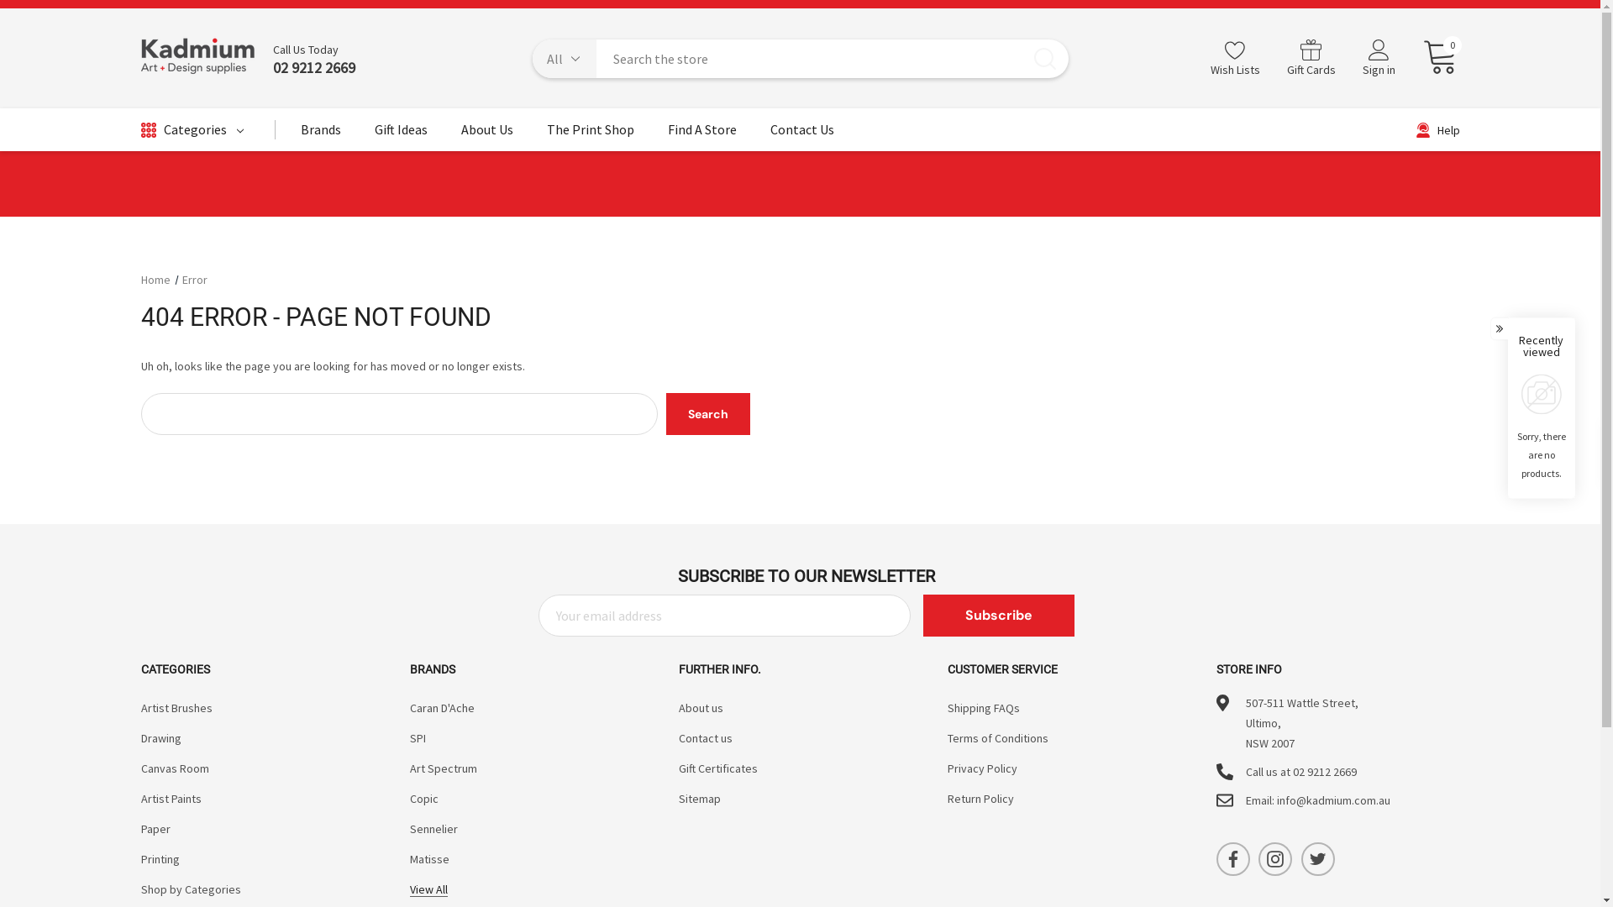 This screenshot has width=1613, height=907. Describe the element at coordinates (717, 768) in the screenshot. I see `'Gift Certificates'` at that location.